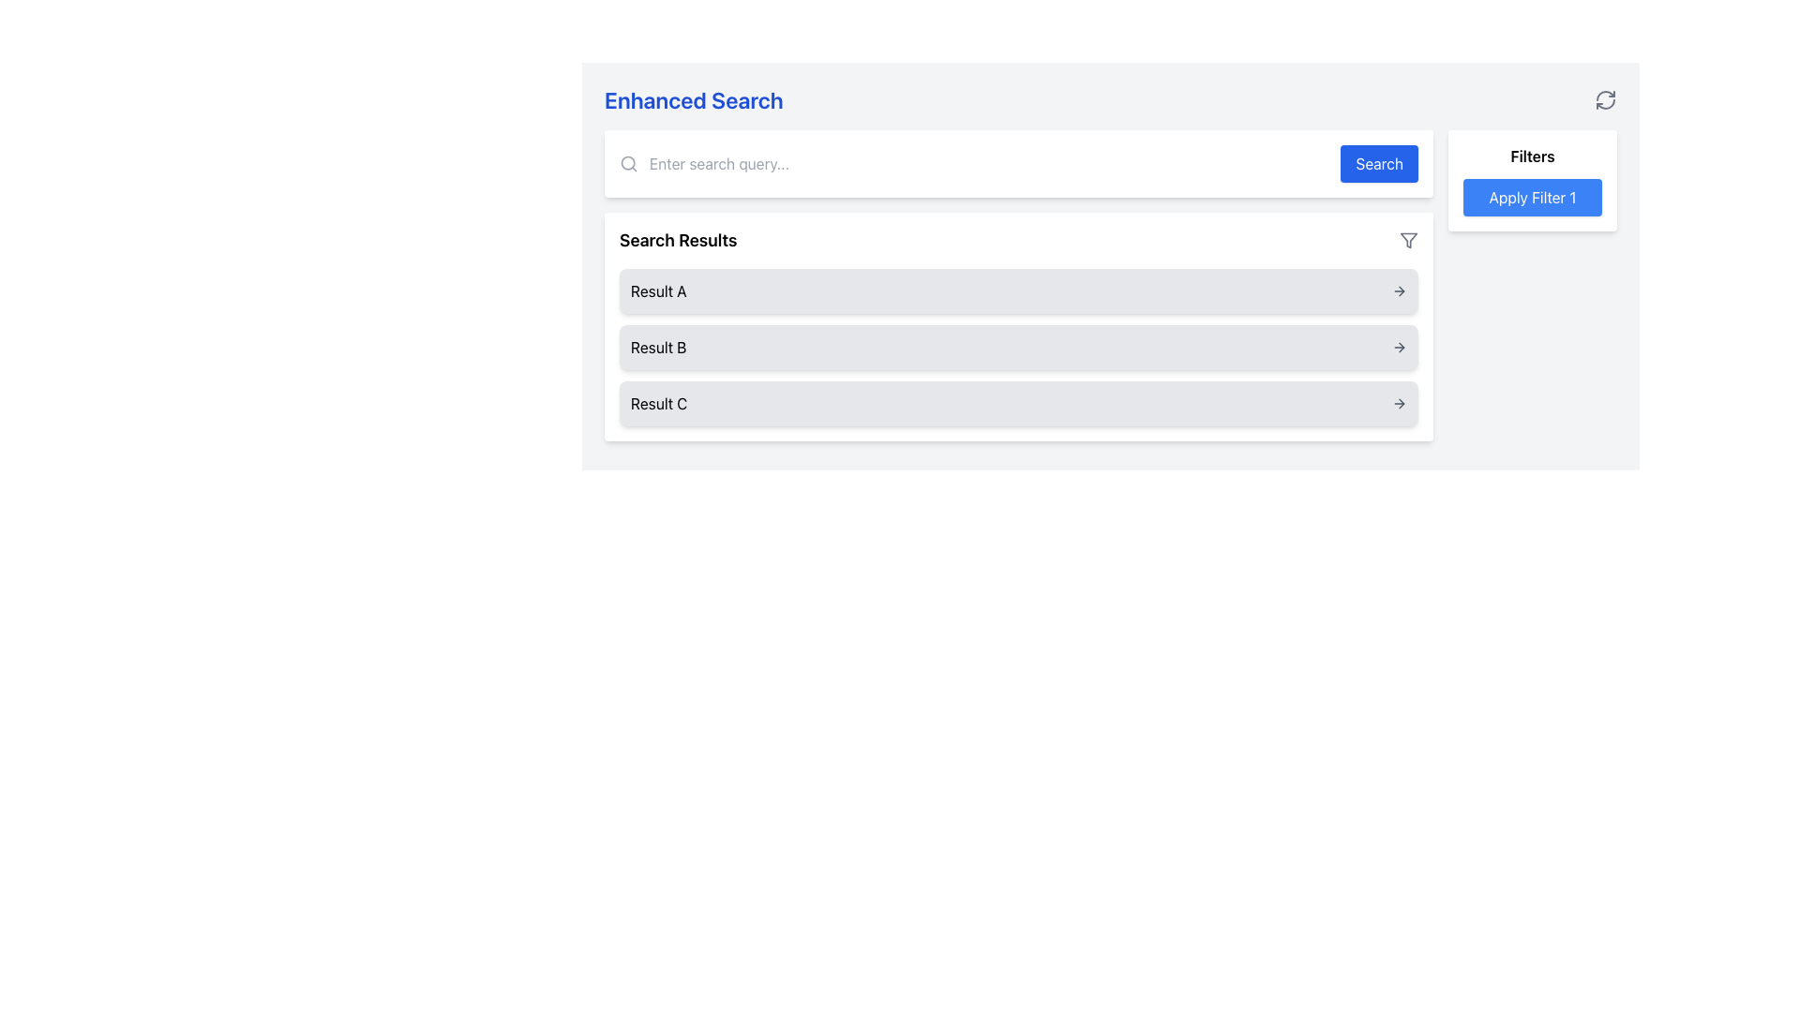  Describe the element at coordinates (1402, 403) in the screenshot. I see `the rightward pointing arrowhead icon located next to the third list item in the 'Search Results' section` at that location.